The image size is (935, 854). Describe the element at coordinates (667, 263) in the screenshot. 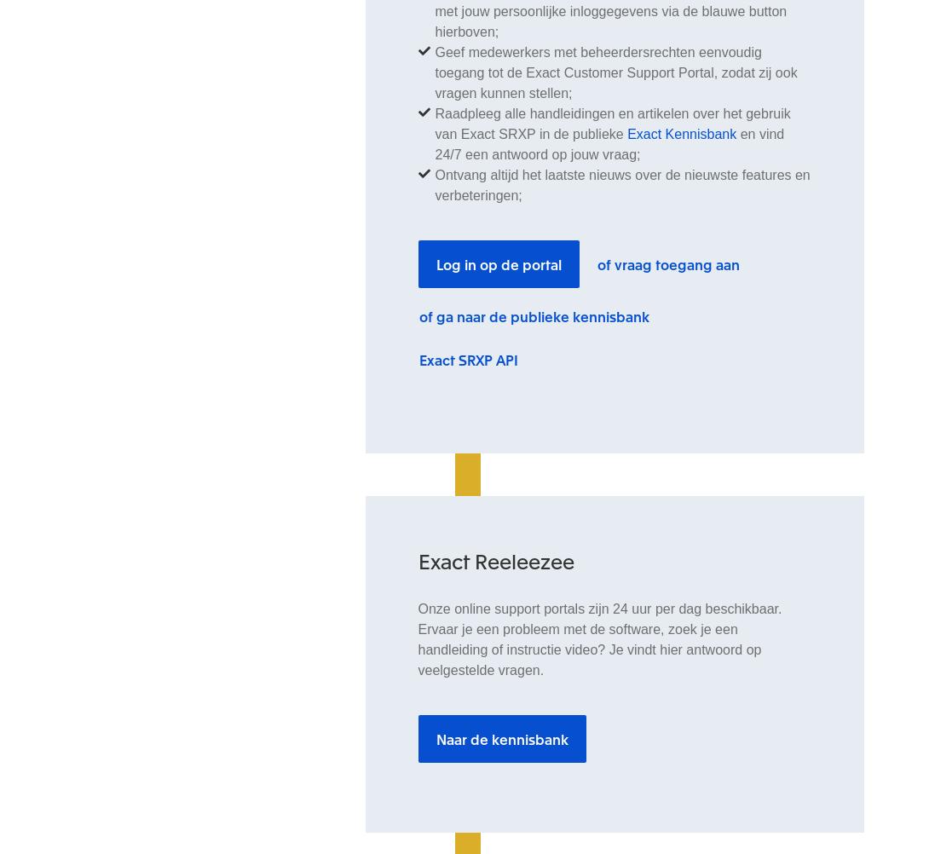

I see `'of vraag toegang aan'` at that location.